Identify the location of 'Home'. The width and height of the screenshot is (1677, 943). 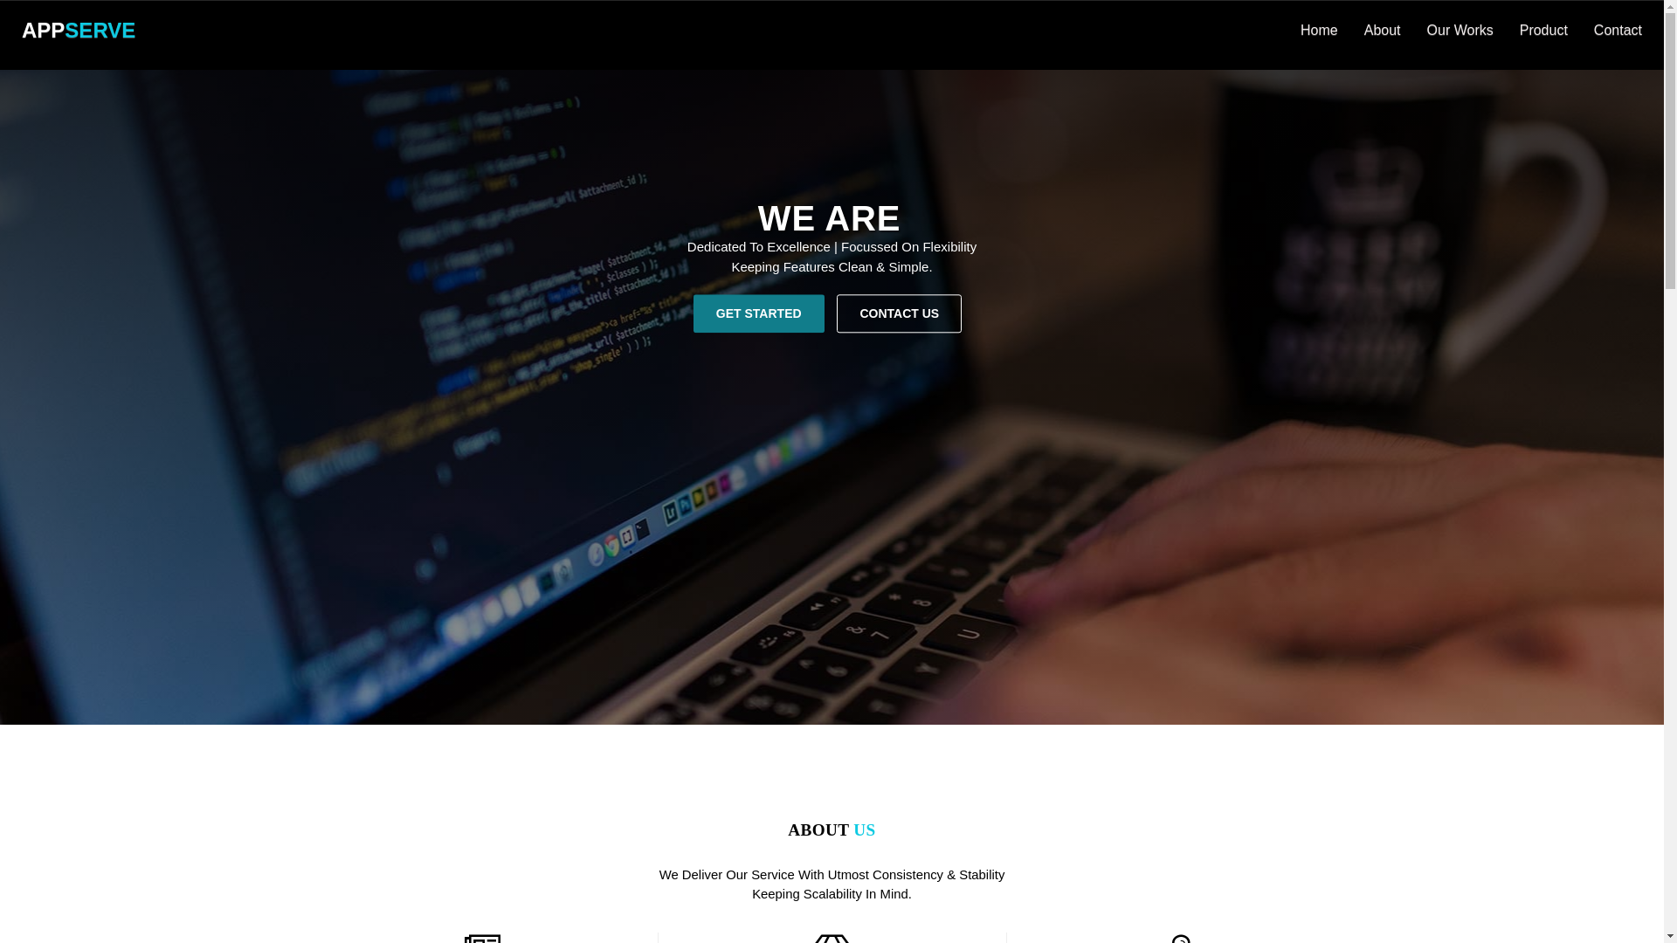
(1319, 30).